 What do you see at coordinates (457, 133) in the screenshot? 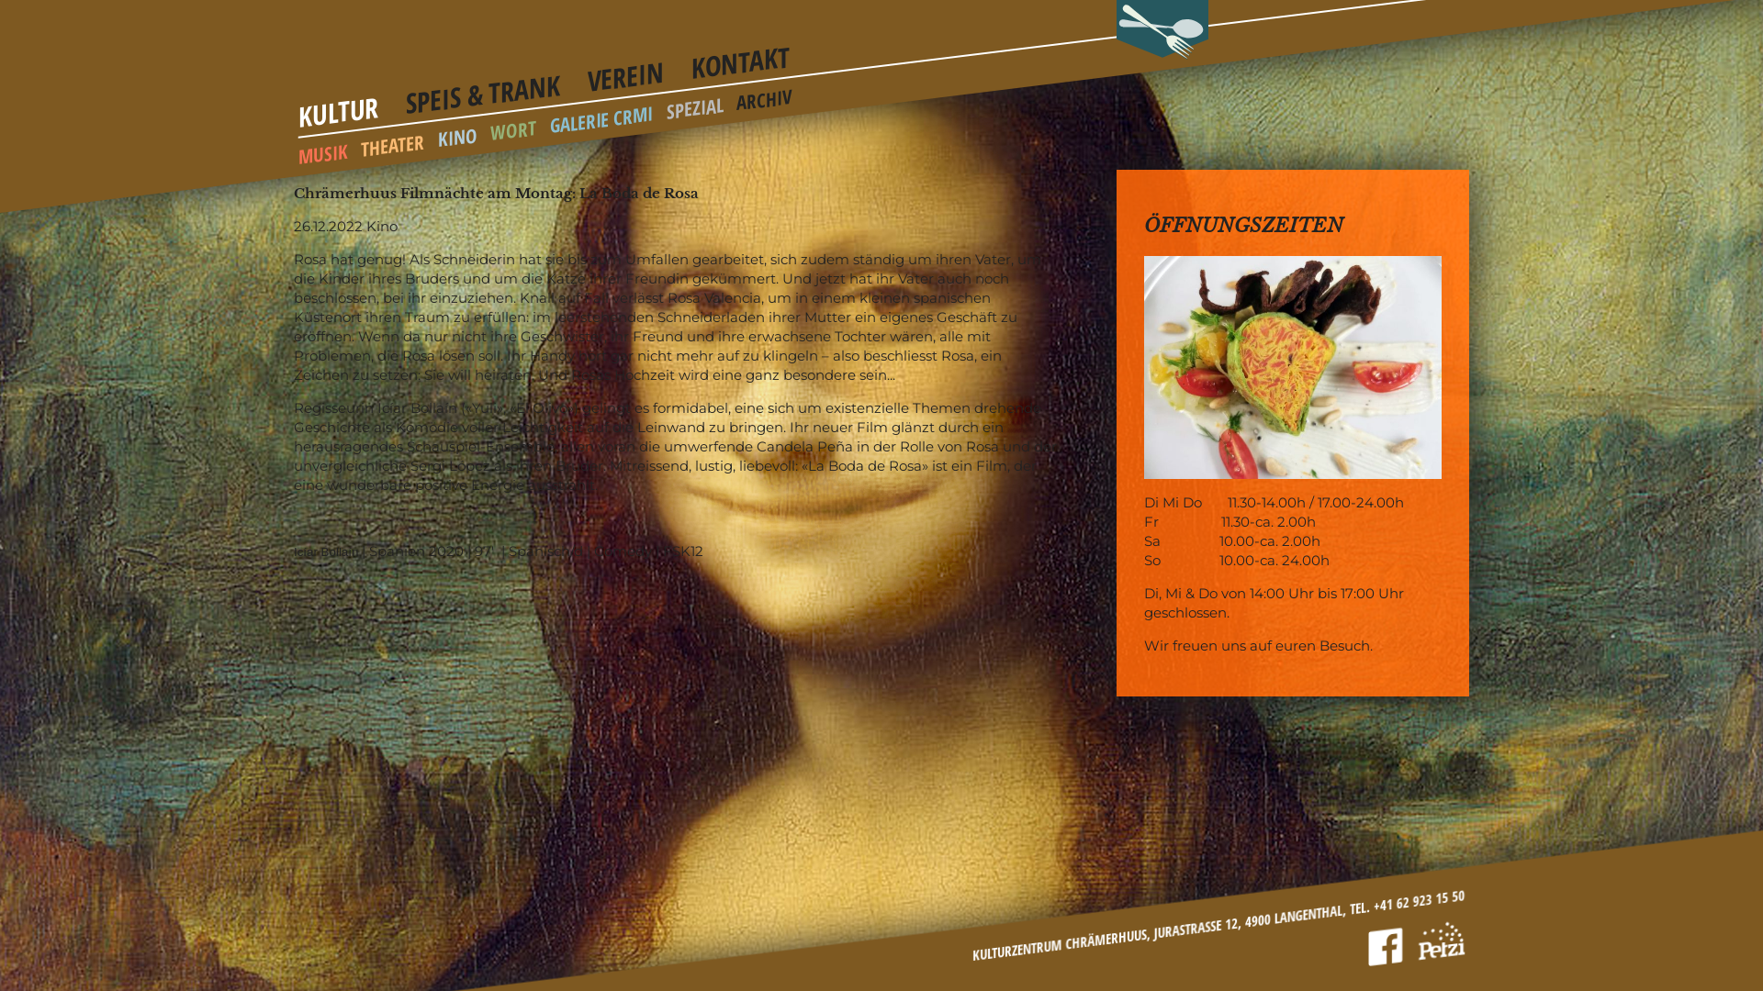
I see `'KINO'` at bounding box center [457, 133].